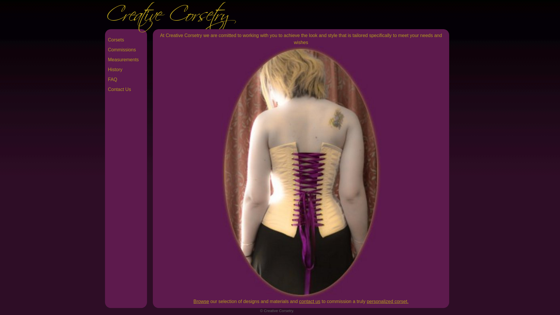 The image size is (560, 315). What do you see at coordinates (126, 69) in the screenshot?
I see `'History'` at bounding box center [126, 69].